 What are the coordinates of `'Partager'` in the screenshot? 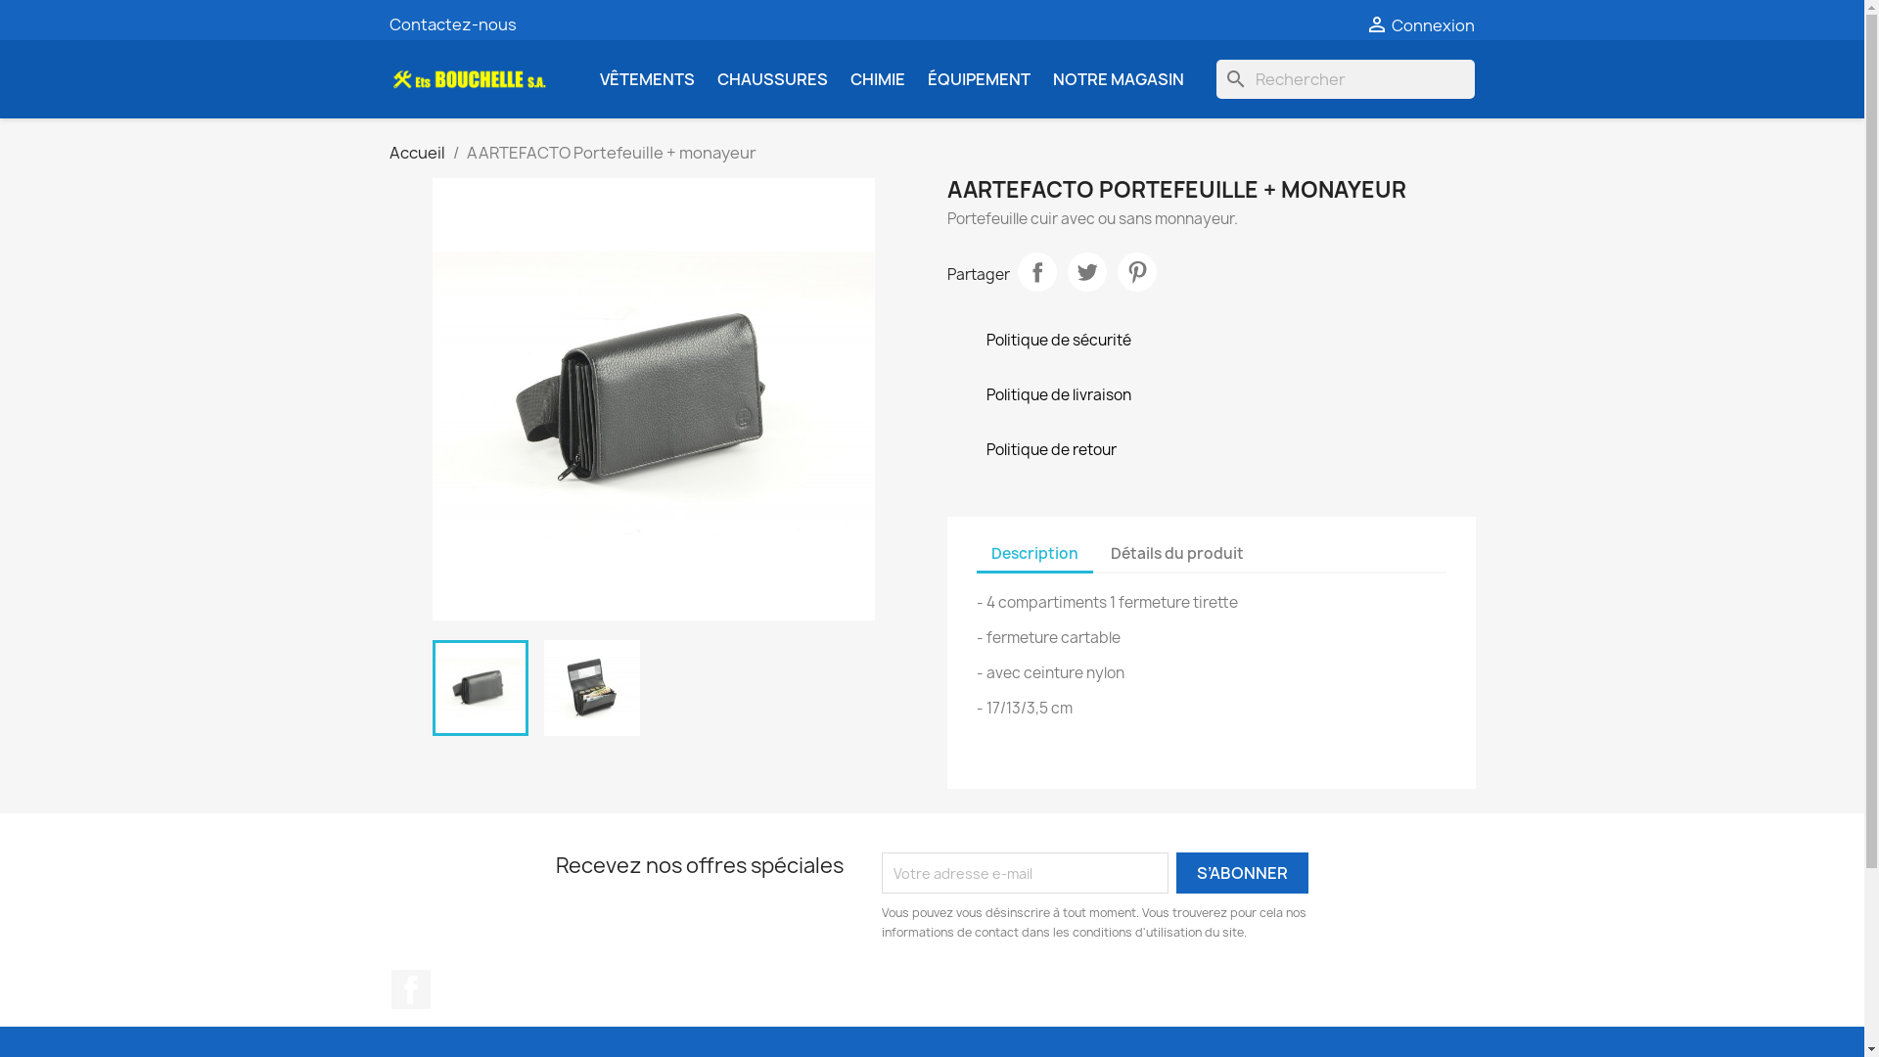 It's located at (1036, 271).